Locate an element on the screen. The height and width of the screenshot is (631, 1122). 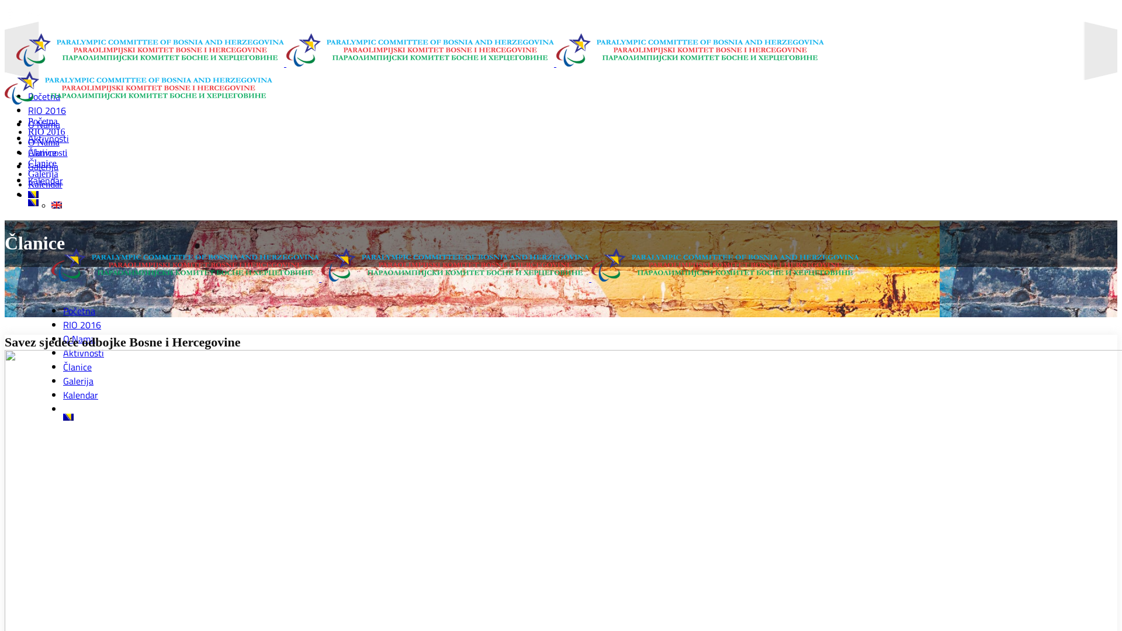
'O Nama' is located at coordinates (78, 338).